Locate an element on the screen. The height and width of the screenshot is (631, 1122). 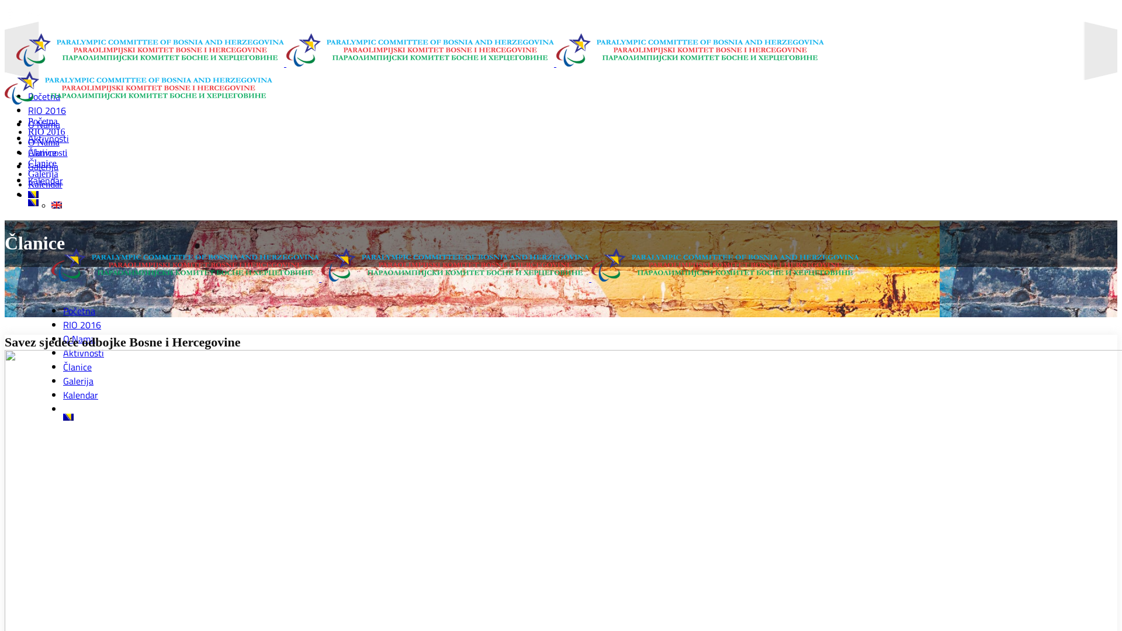
'O Nama' is located at coordinates (78, 338).